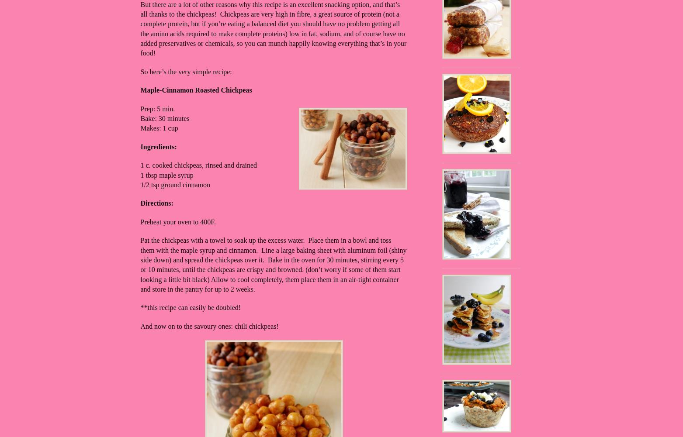  Describe the element at coordinates (186, 71) in the screenshot. I see `'So here’s the very simple recipe:'` at that location.